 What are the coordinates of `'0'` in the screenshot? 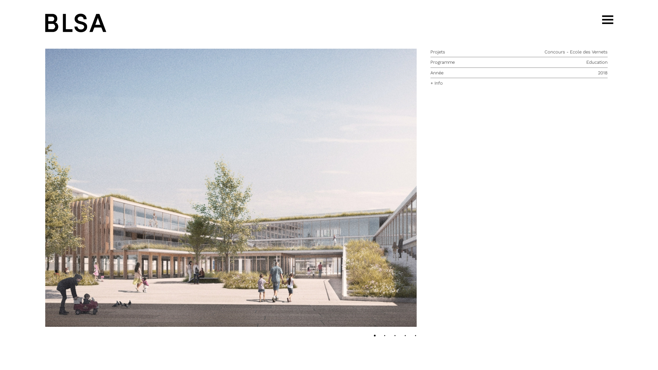 It's located at (375, 336).